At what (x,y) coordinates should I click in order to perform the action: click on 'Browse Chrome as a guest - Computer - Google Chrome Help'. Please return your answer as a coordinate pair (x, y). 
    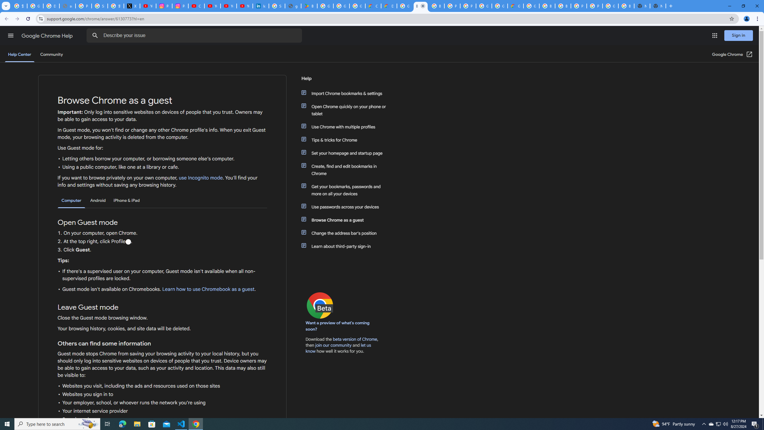
    Looking at the image, I should click on (436, 6).